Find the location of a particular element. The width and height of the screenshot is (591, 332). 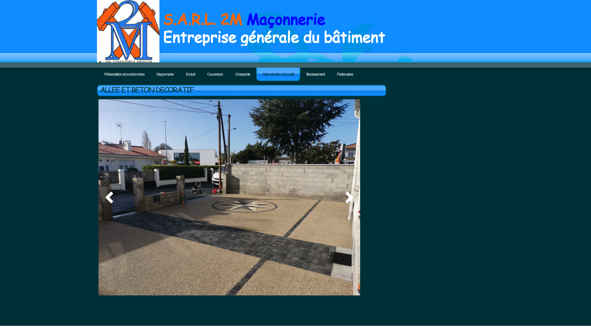

'Terrassement' is located at coordinates (315, 74).